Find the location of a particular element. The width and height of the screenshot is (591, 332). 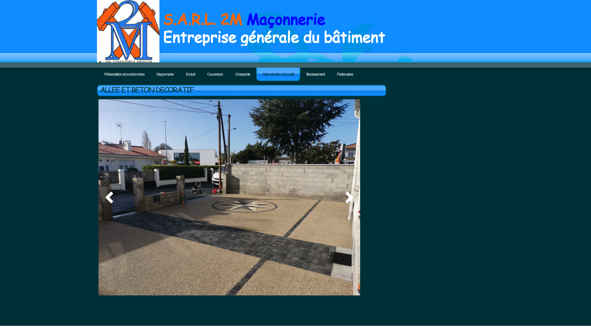

'Terrassement' is located at coordinates (315, 74).